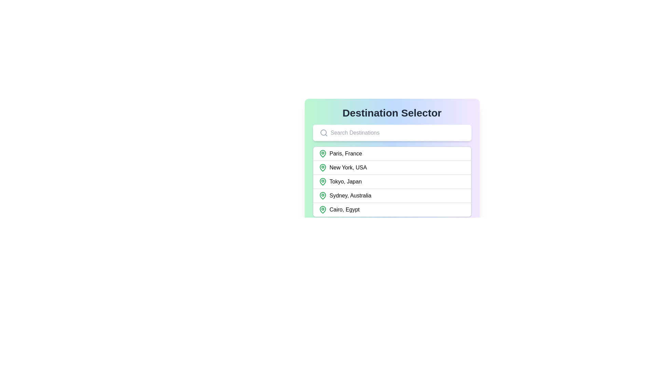 This screenshot has width=656, height=369. What do you see at coordinates (322, 167) in the screenshot?
I see `the green map pin icon located to the left of the text 'New York, USA' in the second row of the destination list as a visual indicator` at bounding box center [322, 167].